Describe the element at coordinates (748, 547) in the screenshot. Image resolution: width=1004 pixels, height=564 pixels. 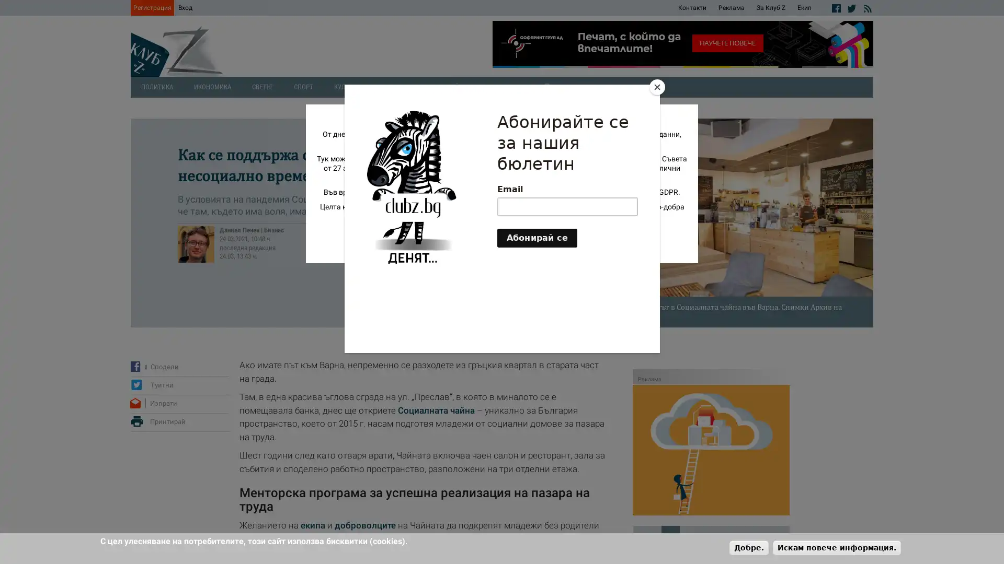
I see `.` at that location.